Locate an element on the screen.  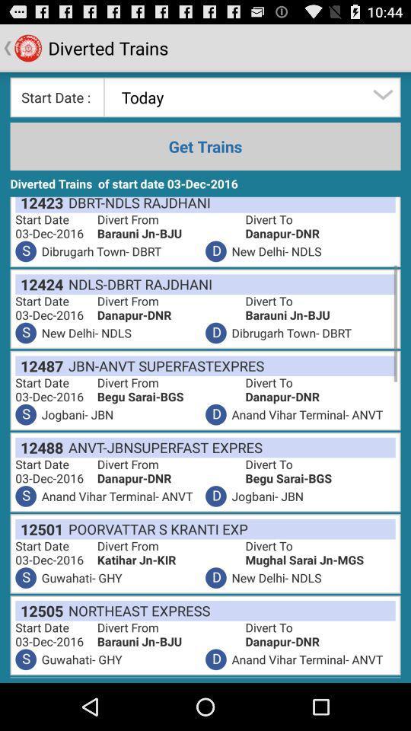
the anvt-jbnsuperfast expres is located at coordinates (162, 447).